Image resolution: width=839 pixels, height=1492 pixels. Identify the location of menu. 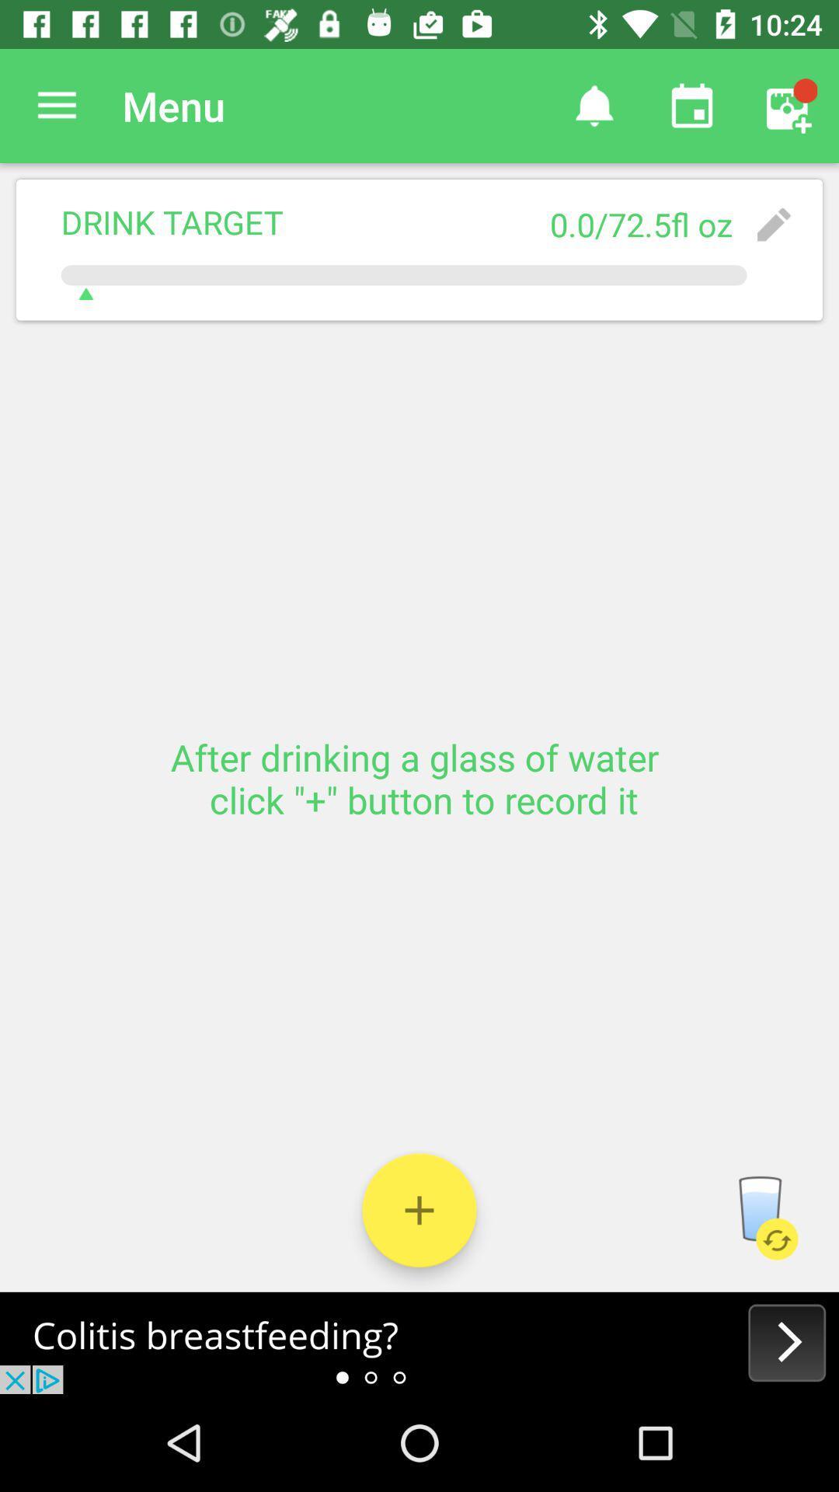
(56, 105).